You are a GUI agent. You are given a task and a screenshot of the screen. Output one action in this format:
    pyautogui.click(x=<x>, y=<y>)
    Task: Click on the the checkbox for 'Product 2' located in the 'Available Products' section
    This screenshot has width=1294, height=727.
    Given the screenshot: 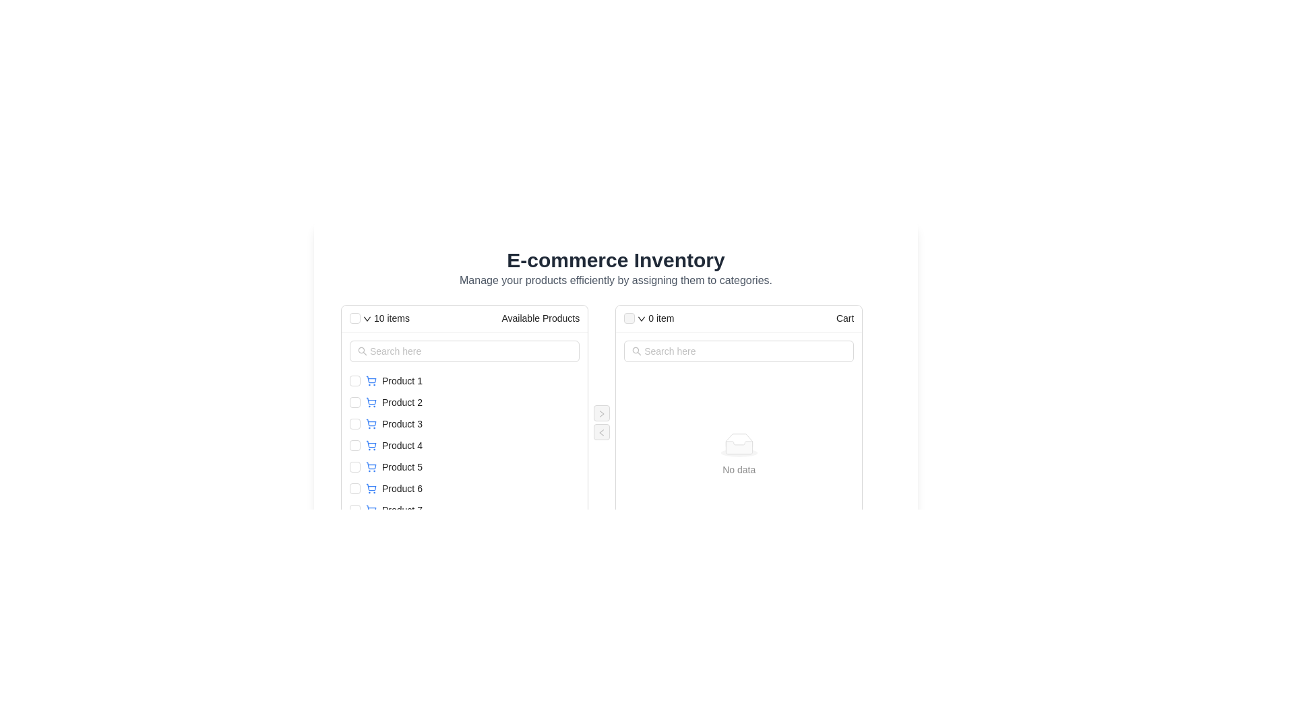 What is the action you would take?
    pyautogui.click(x=355, y=401)
    